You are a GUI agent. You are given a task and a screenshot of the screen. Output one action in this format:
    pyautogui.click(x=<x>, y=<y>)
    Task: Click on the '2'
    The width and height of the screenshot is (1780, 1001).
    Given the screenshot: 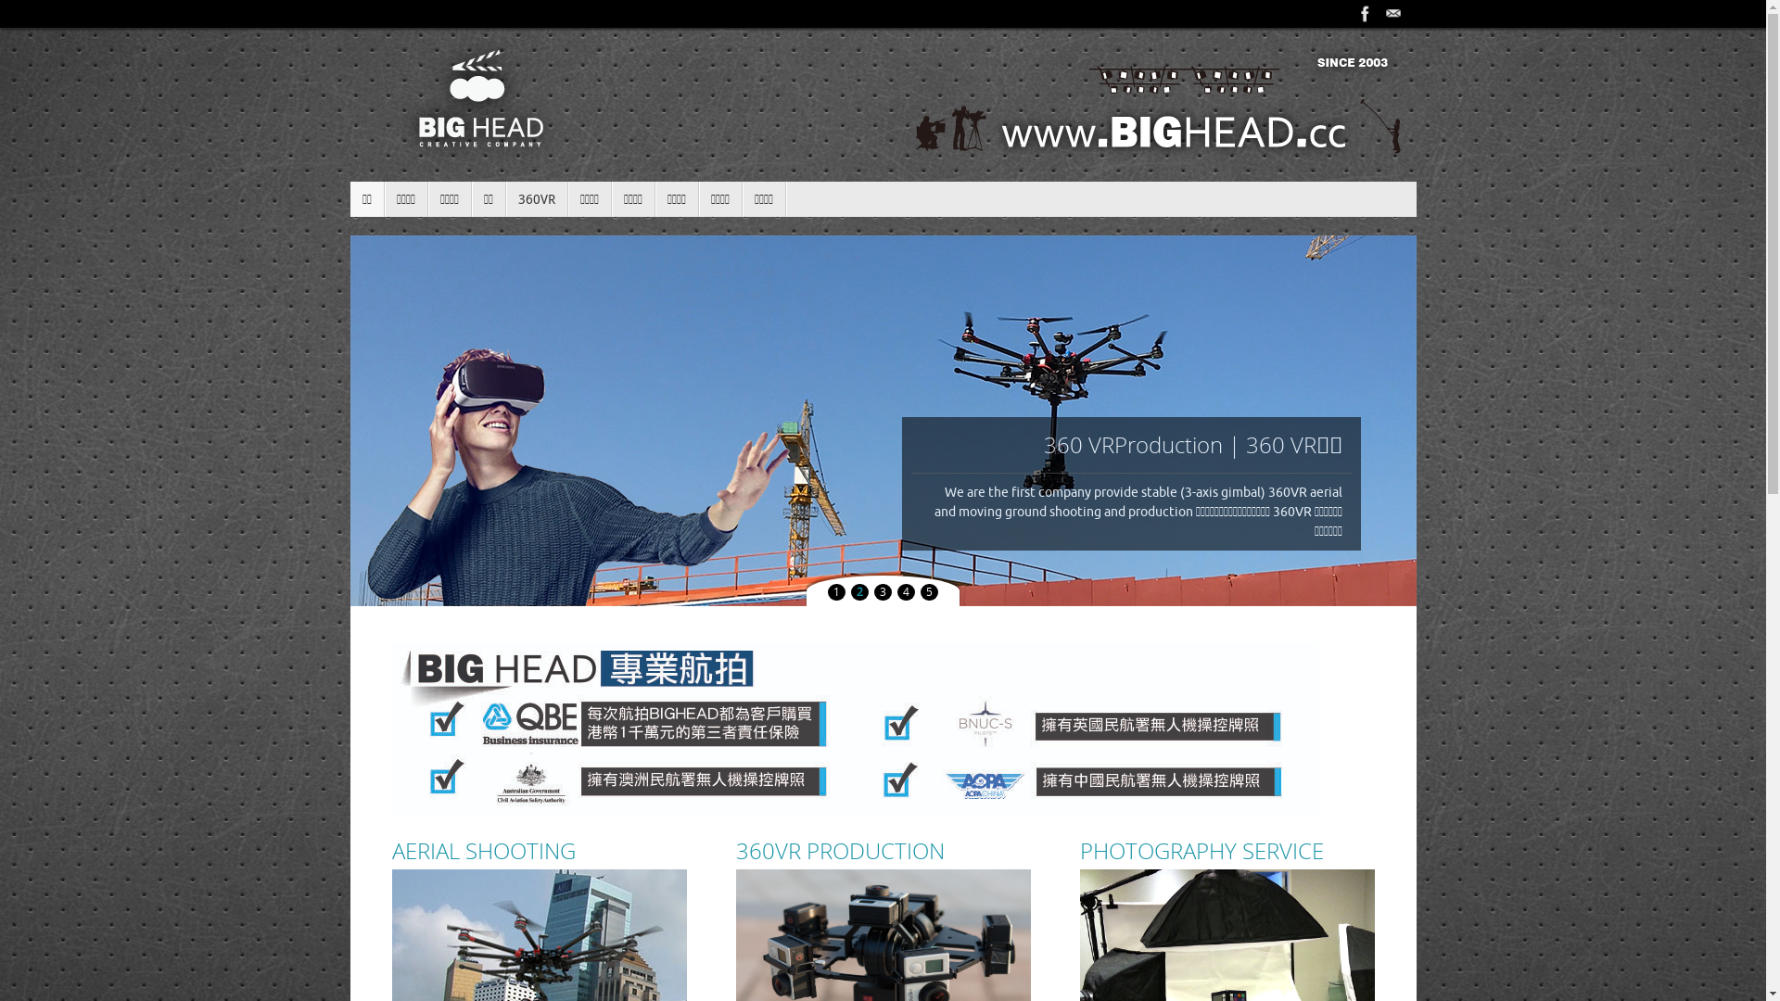 What is the action you would take?
    pyautogui.click(x=858, y=592)
    